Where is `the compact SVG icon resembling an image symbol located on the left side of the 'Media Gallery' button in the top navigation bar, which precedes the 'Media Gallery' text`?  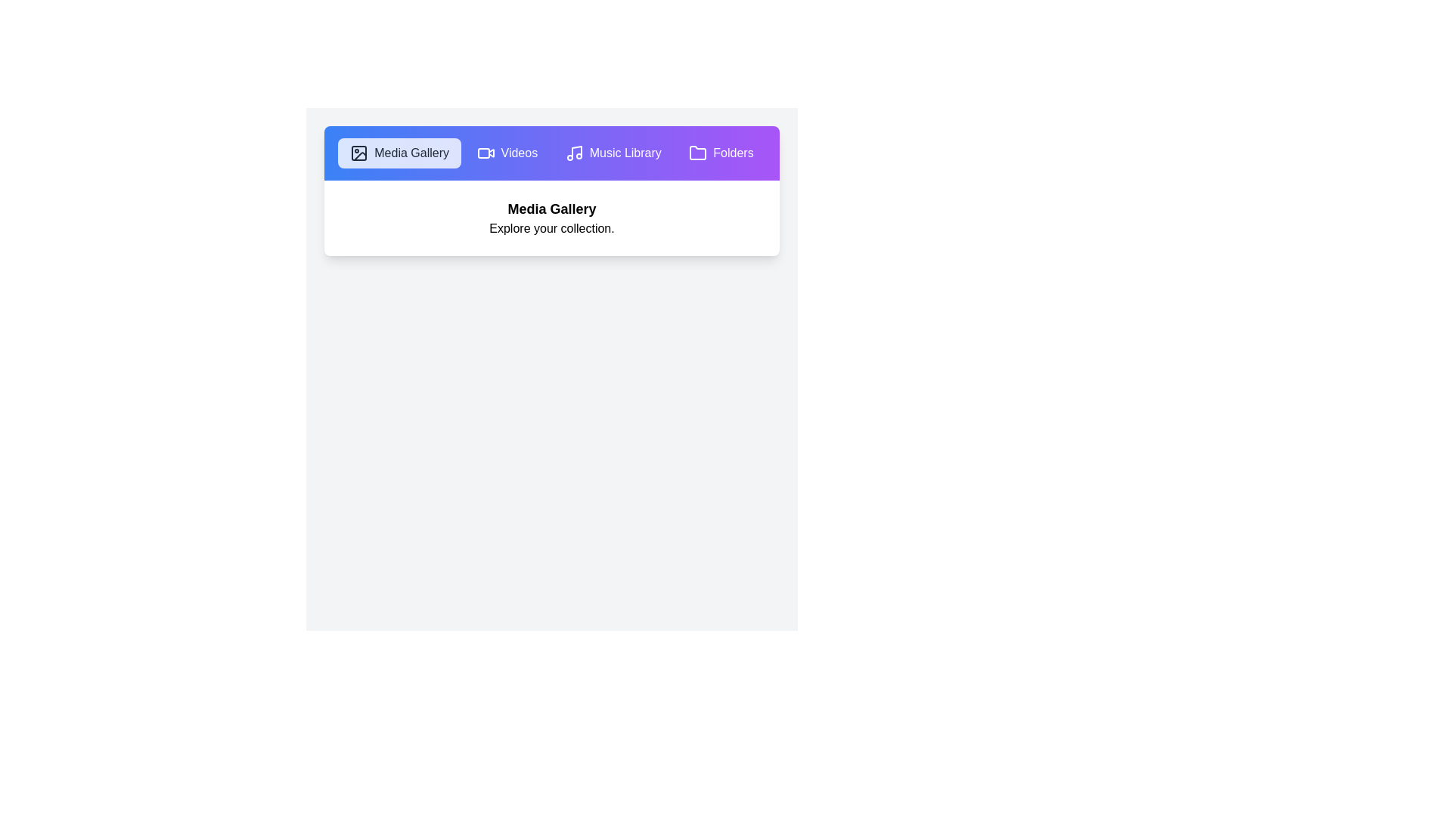 the compact SVG icon resembling an image symbol located on the left side of the 'Media Gallery' button in the top navigation bar, which precedes the 'Media Gallery' text is located at coordinates (358, 153).